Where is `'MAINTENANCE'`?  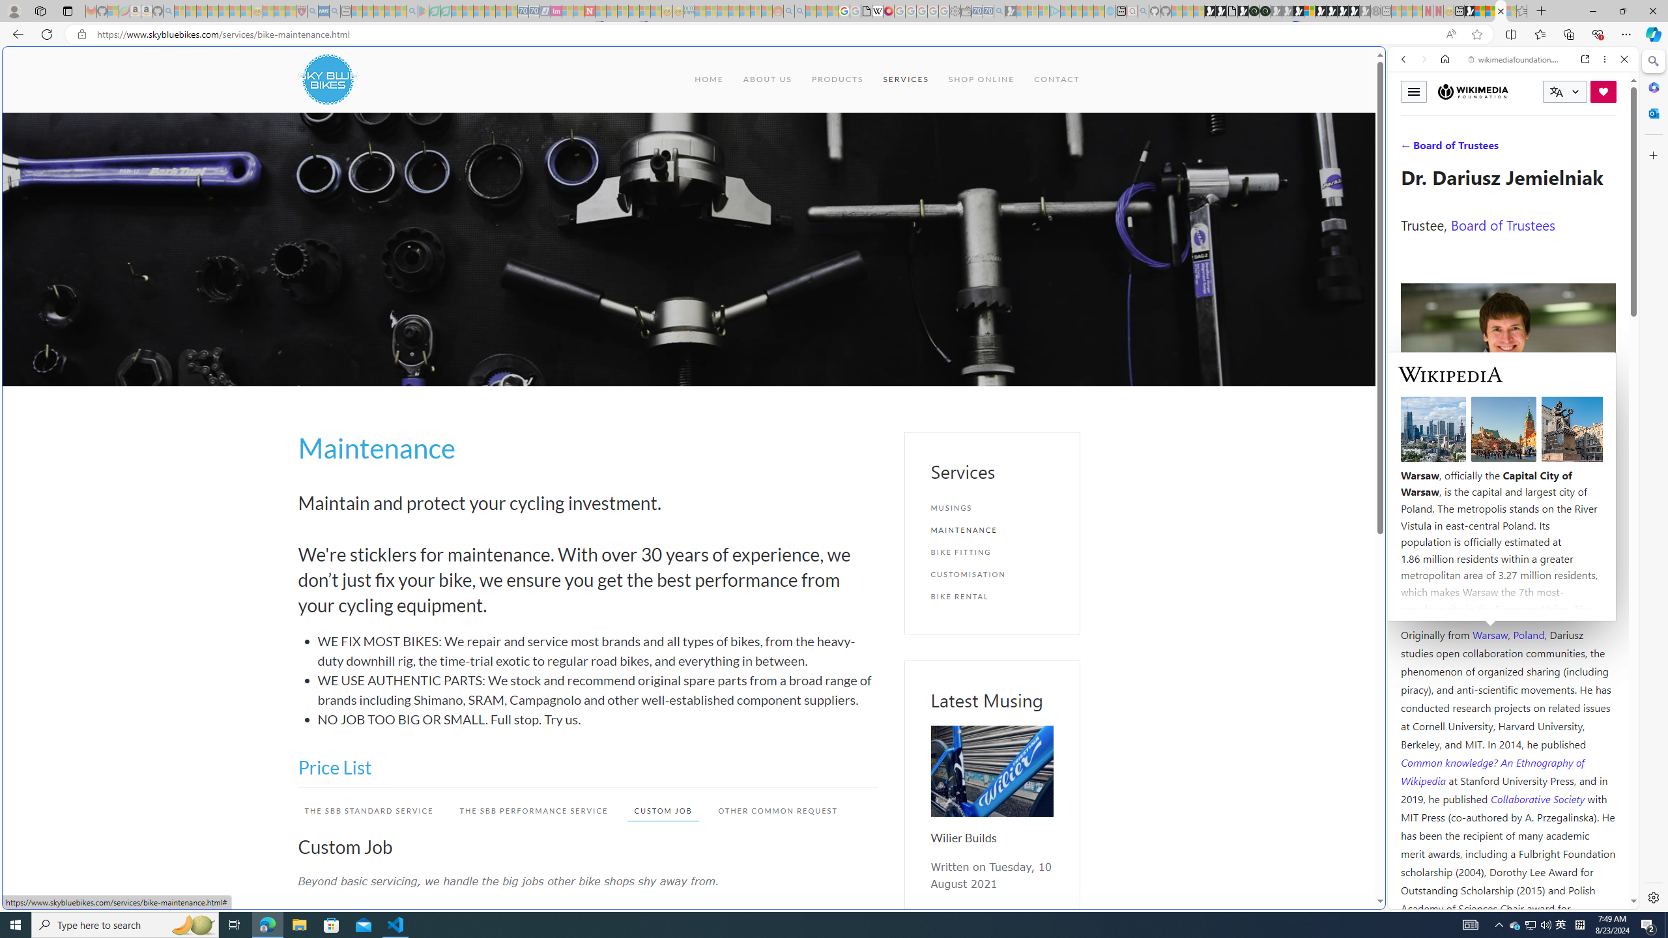
'MAINTENANCE' is located at coordinates (990, 529).